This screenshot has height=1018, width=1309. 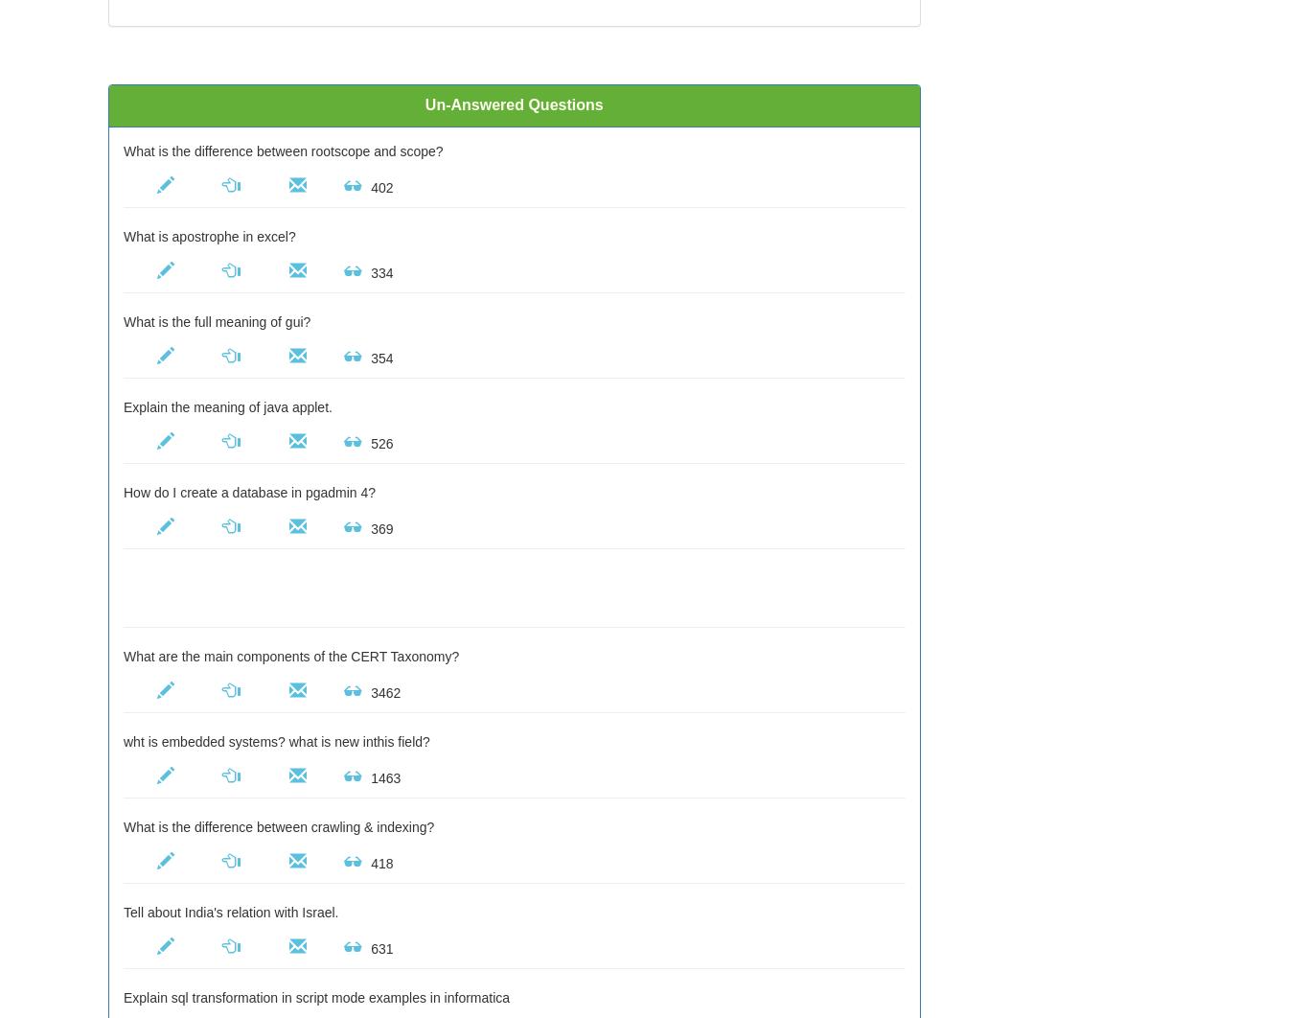 What do you see at coordinates (366, 188) in the screenshot?
I see `'402'` at bounding box center [366, 188].